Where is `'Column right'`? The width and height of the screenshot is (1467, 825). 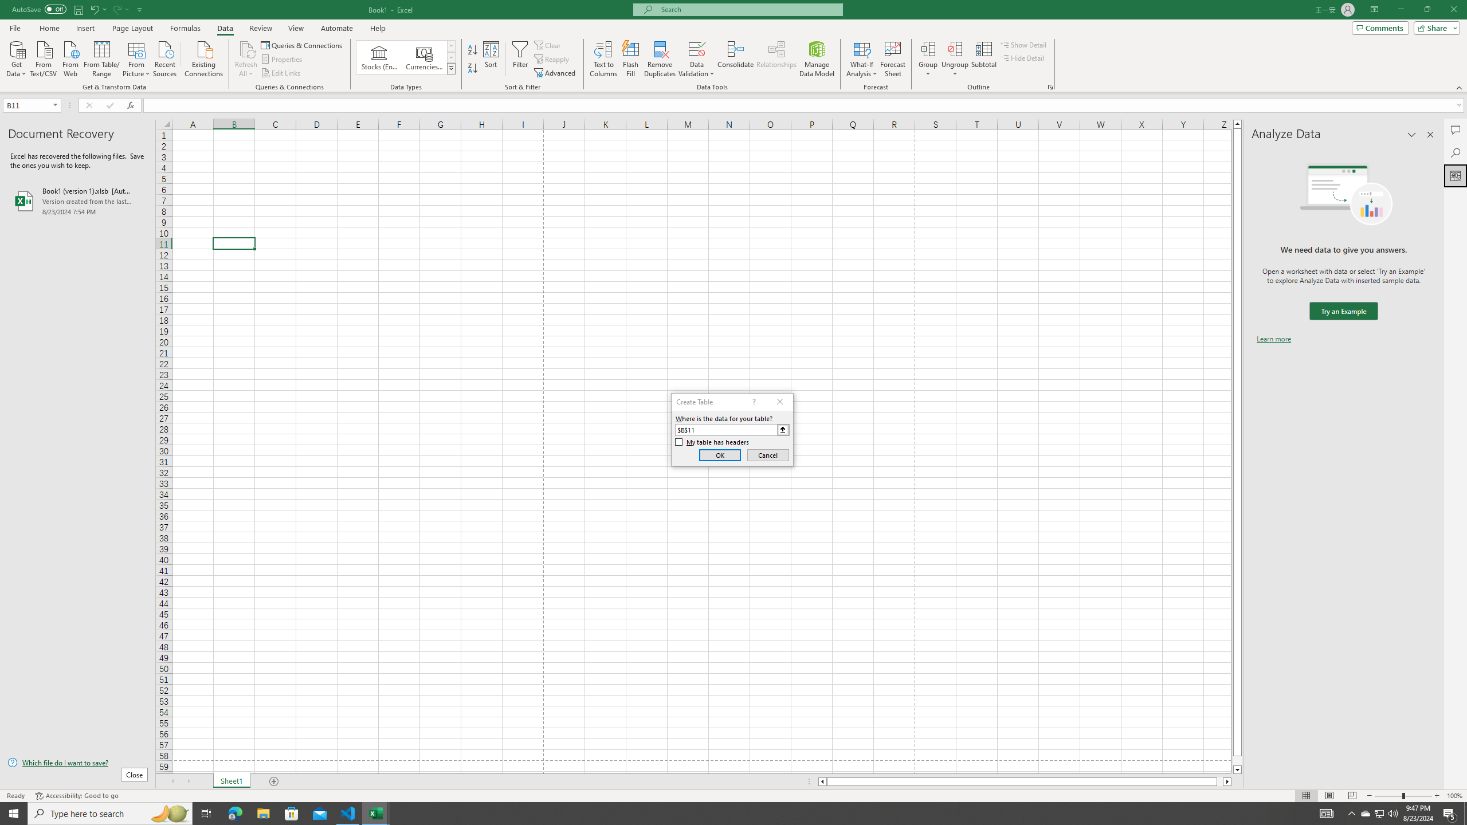
'Column right' is located at coordinates (1227, 781).